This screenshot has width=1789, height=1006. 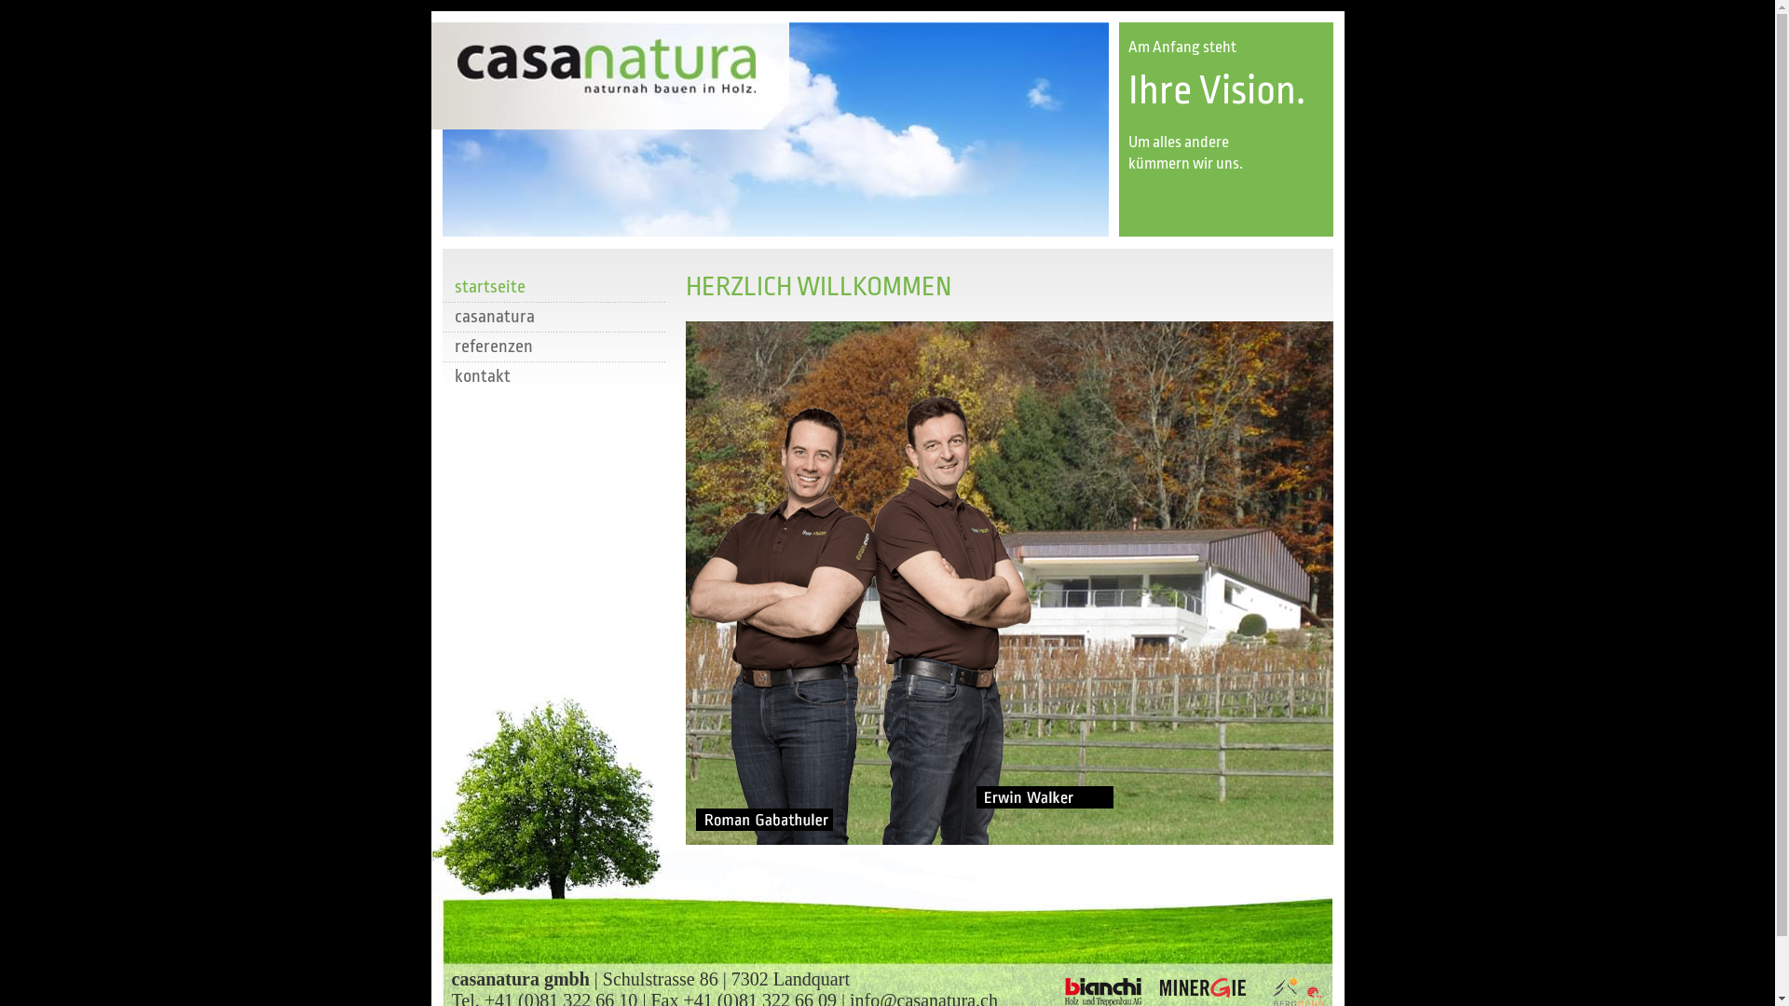 I want to click on 'startseite', so click(x=553, y=287).